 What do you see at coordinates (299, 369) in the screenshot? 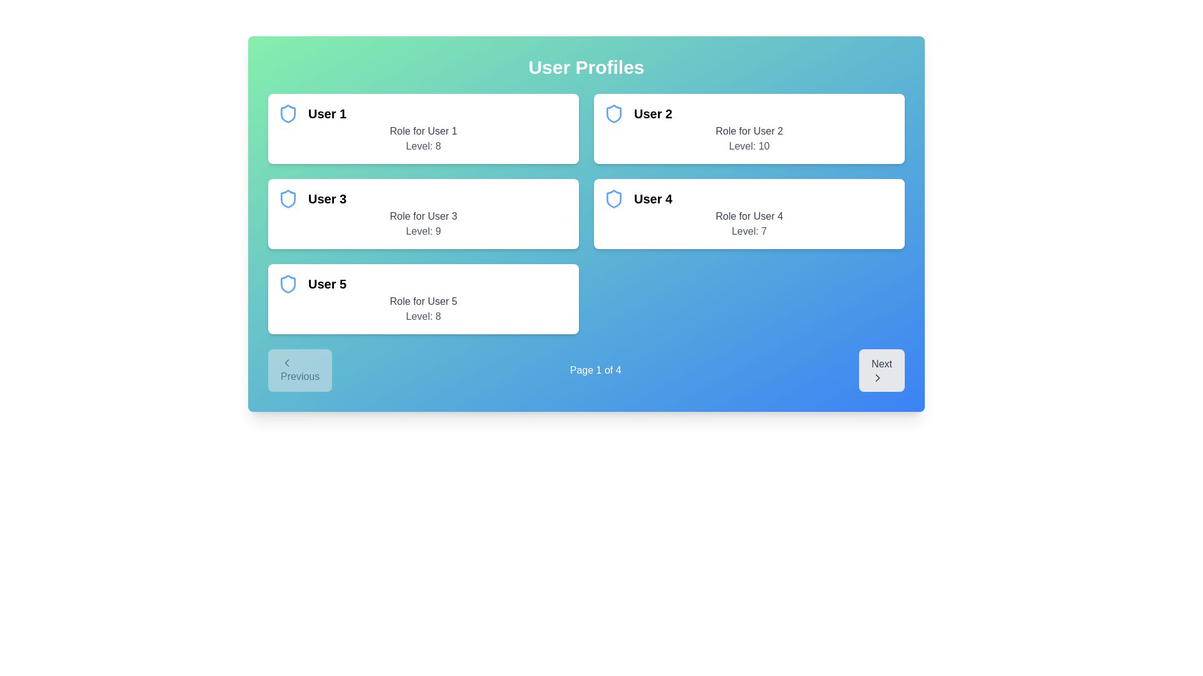
I see `the button that navigates to the previous page in the paginated interface, located at the bottom-left corner of the pagination controls` at bounding box center [299, 369].